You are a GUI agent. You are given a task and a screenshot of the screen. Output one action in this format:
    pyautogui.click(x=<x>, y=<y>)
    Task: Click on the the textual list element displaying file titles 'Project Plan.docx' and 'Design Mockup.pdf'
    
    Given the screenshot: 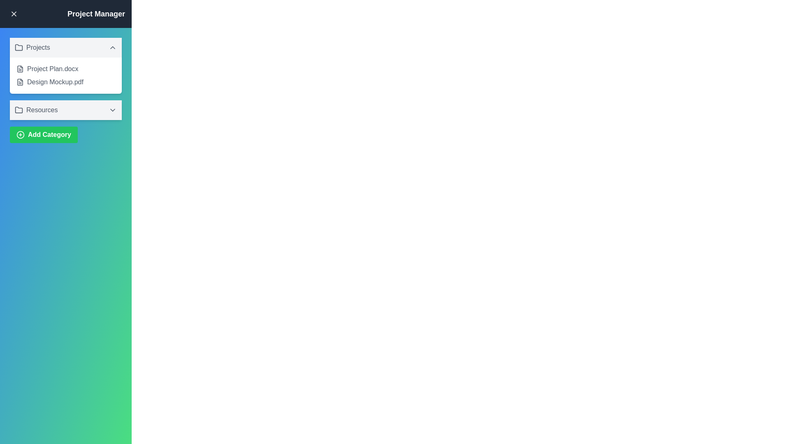 What is the action you would take?
    pyautogui.click(x=65, y=76)
    